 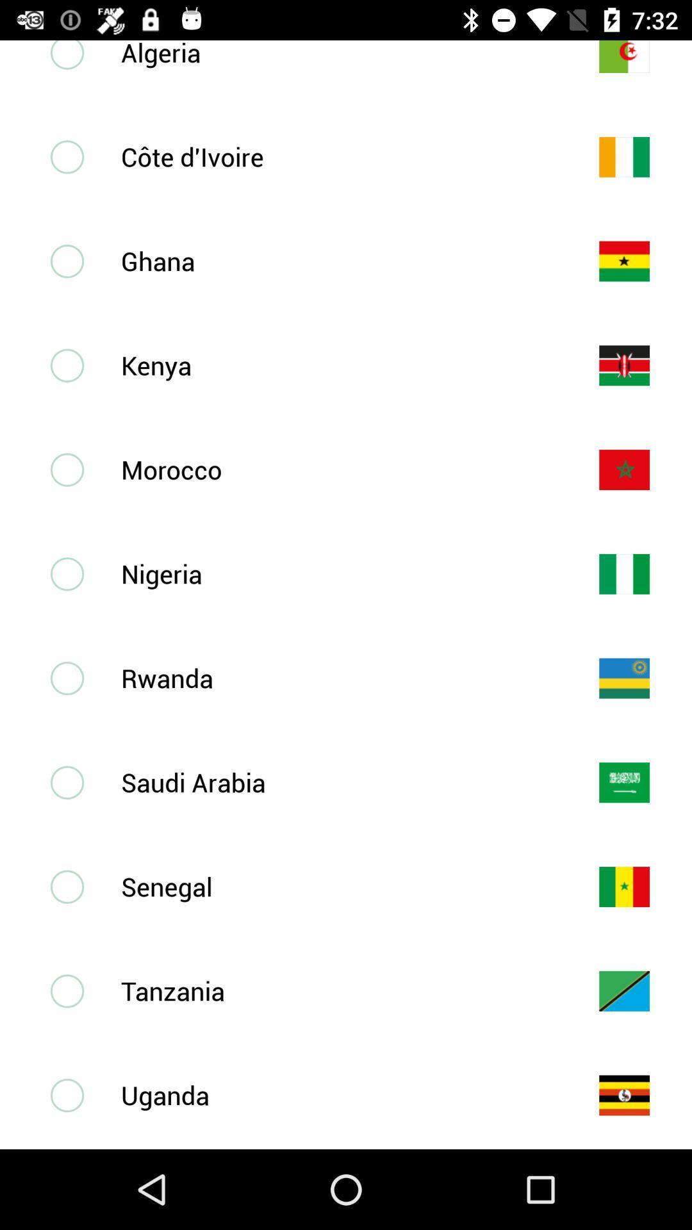 What do you see at coordinates (338, 469) in the screenshot?
I see `morocco item` at bounding box center [338, 469].